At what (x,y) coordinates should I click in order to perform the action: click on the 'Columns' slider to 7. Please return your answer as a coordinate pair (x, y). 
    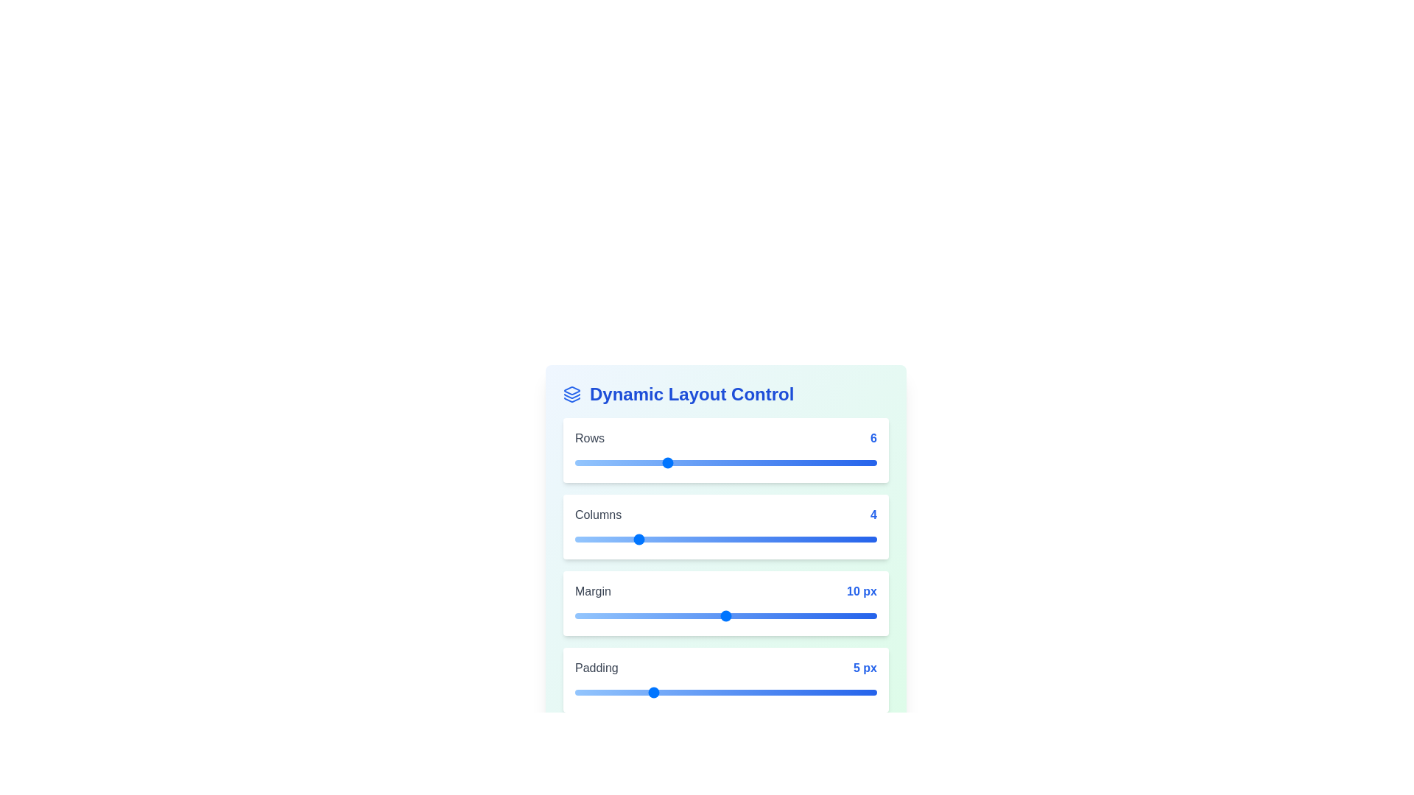
    Looking at the image, I should click on (680, 539).